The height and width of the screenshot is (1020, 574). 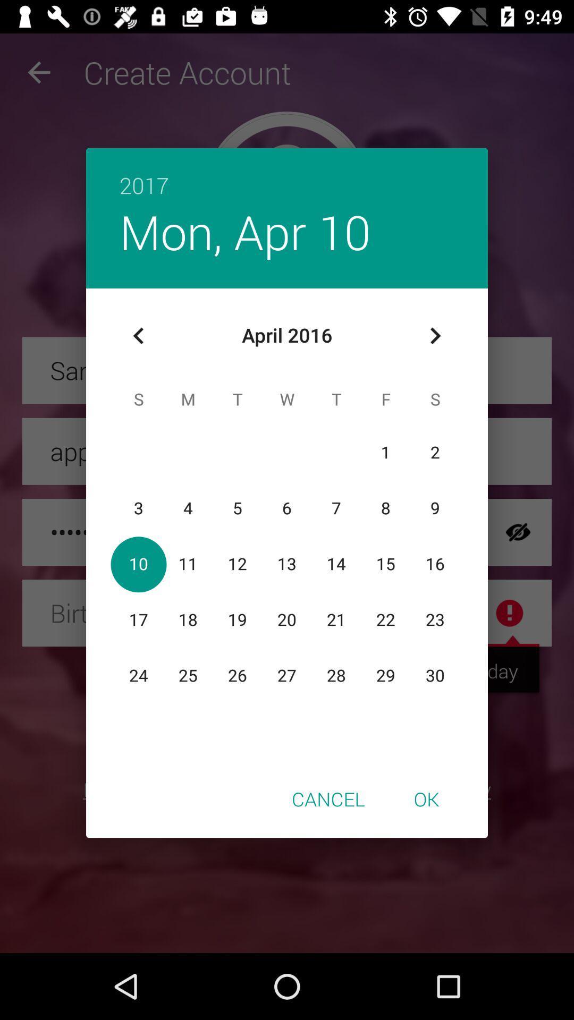 What do you see at coordinates (435, 335) in the screenshot?
I see `the icon at the top right corner` at bounding box center [435, 335].